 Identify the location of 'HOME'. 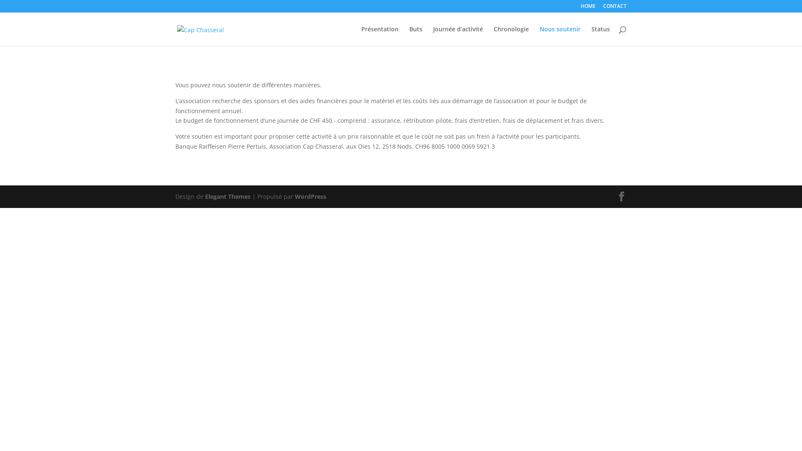
(587, 8).